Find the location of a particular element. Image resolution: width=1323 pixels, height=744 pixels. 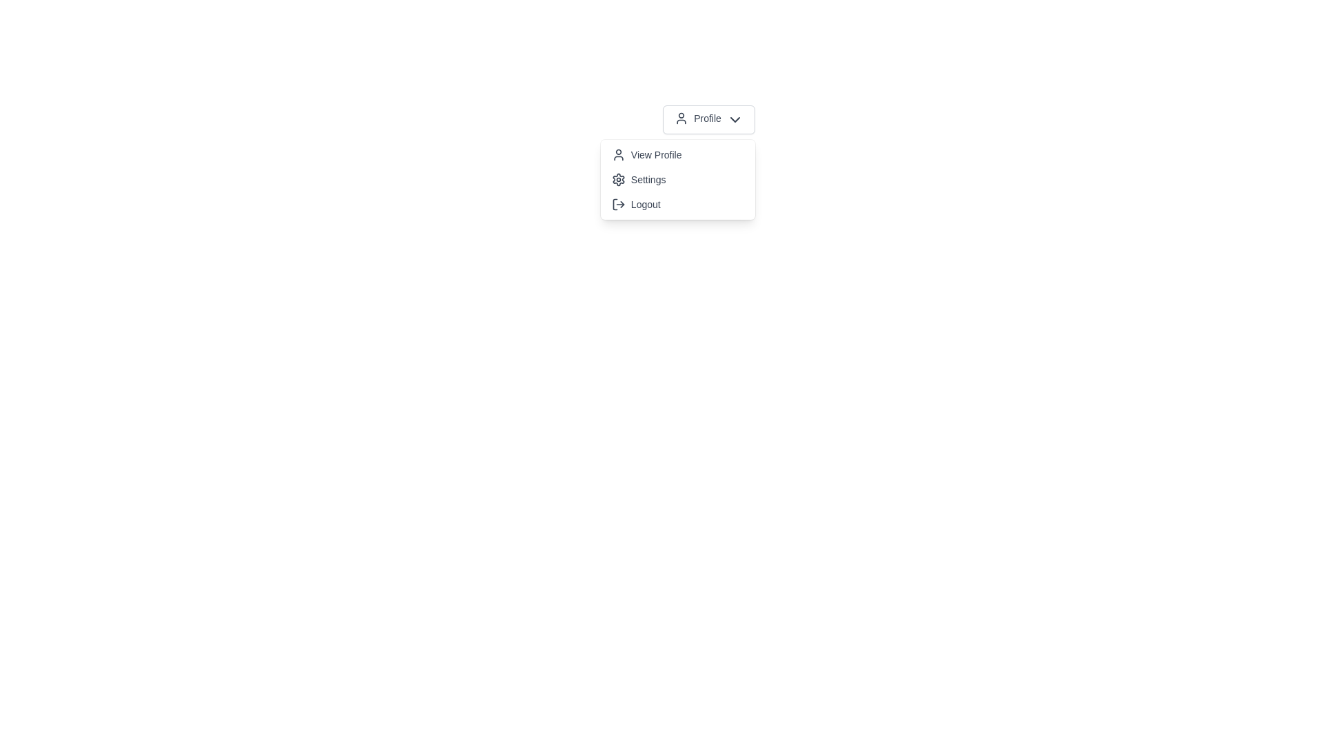

the settings icon, which is a cogwheel-shaped graphical icon located to the left of the 'Settings' text in the dropdown menu is located at coordinates (617, 179).